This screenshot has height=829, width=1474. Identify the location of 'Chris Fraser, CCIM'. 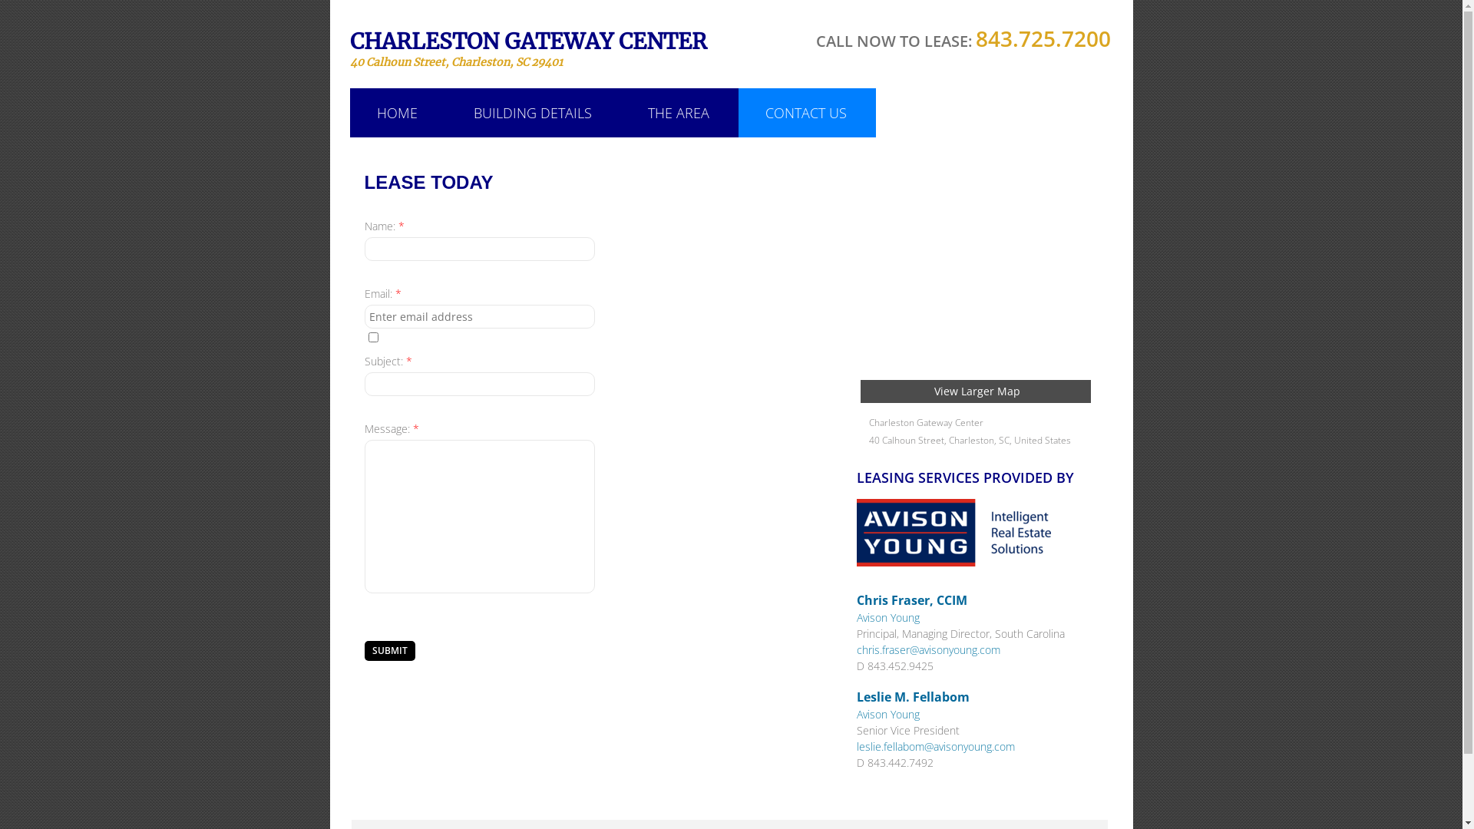
(856, 599).